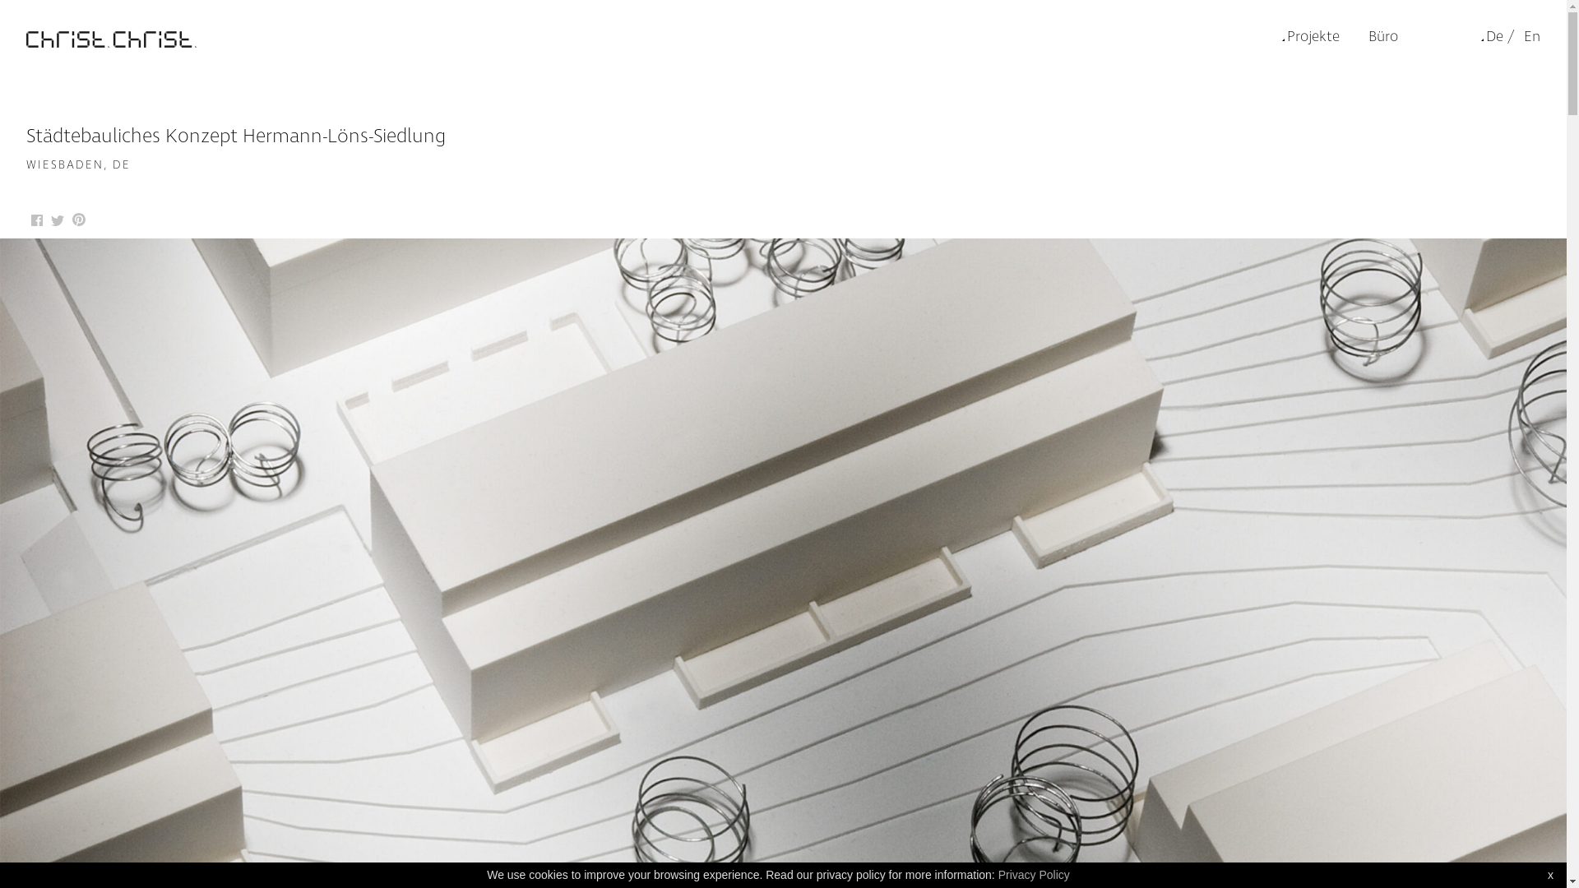 Image resolution: width=1579 pixels, height=888 pixels. What do you see at coordinates (1492, 36) in the screenshot?
I see `'De'` at bounding box center [1492, 36].